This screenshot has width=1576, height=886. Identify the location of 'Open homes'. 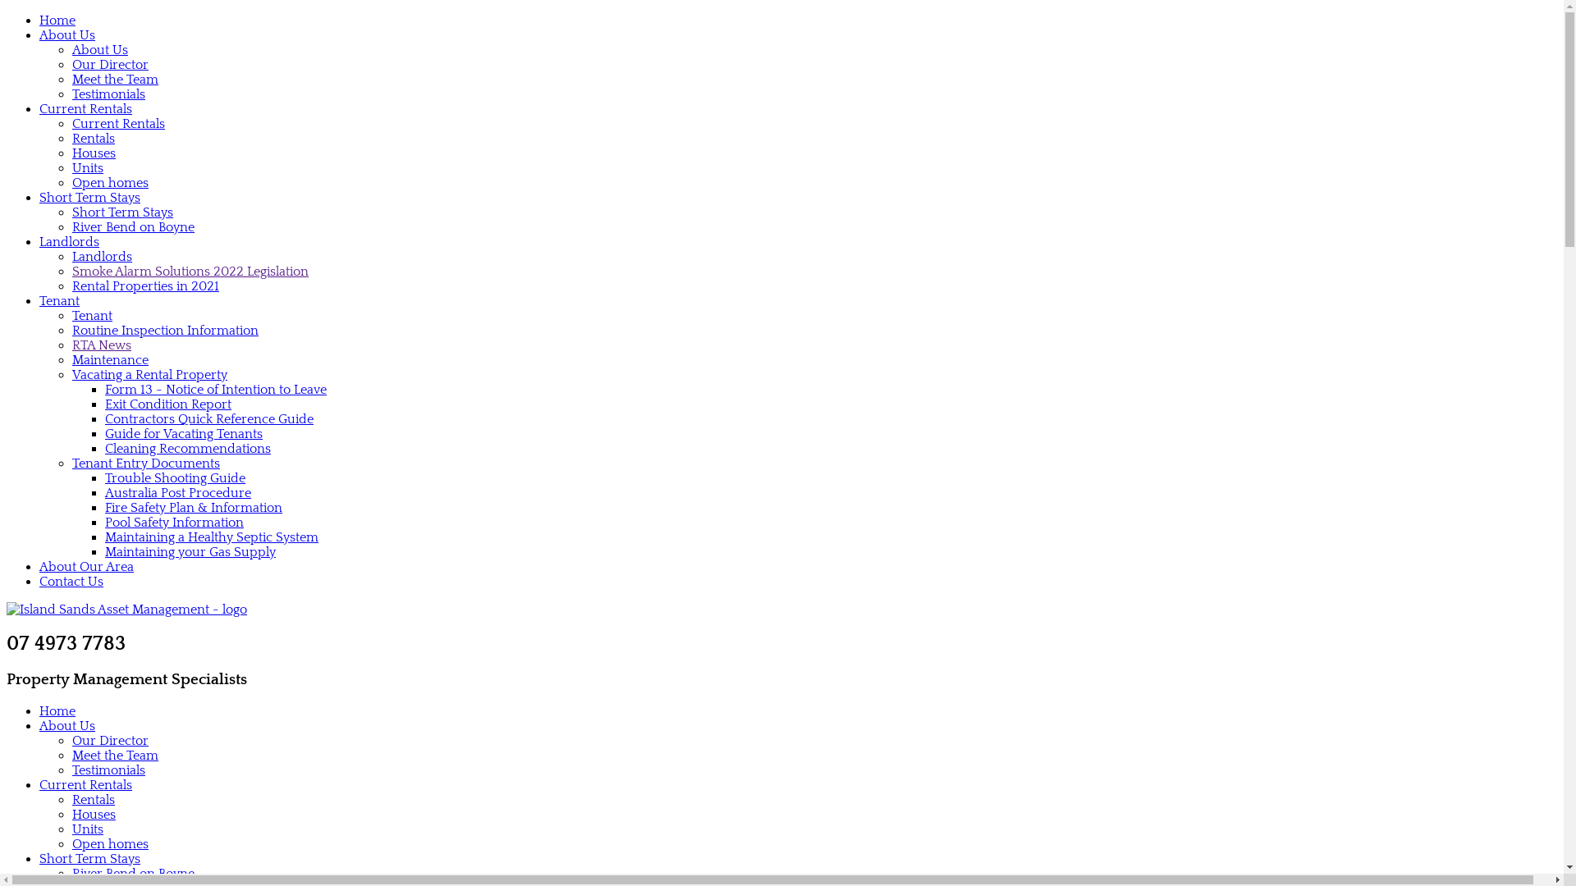
(71, 183).